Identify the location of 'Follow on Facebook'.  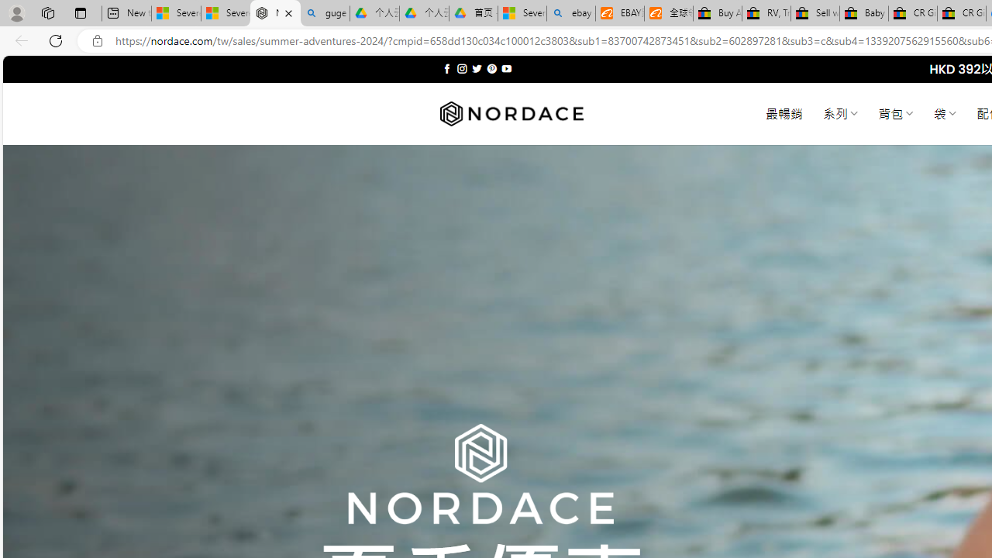
(446, 68).